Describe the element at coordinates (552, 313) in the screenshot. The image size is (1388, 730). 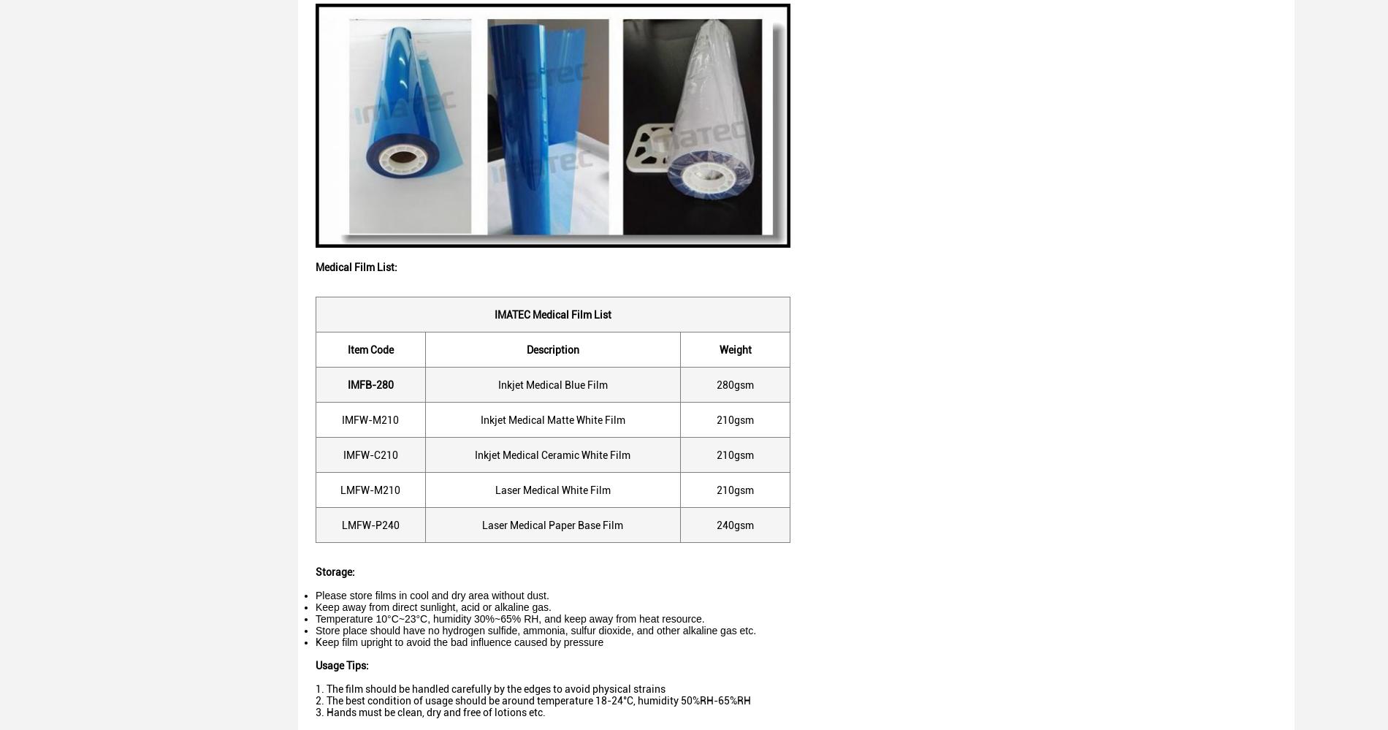
I see `'IMATEC Medical Film List'` at that location.